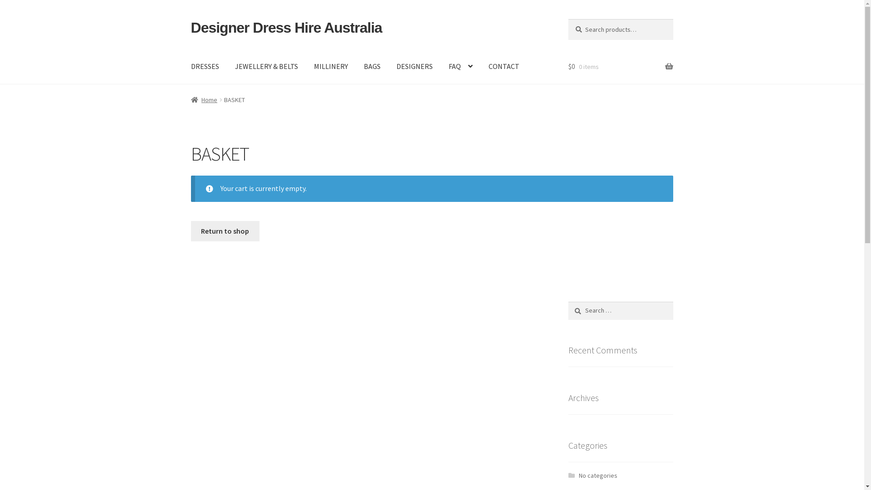 The image size is (871, 490). I want to click on 'JEWELLERY & BELTS', so click(228, 66).